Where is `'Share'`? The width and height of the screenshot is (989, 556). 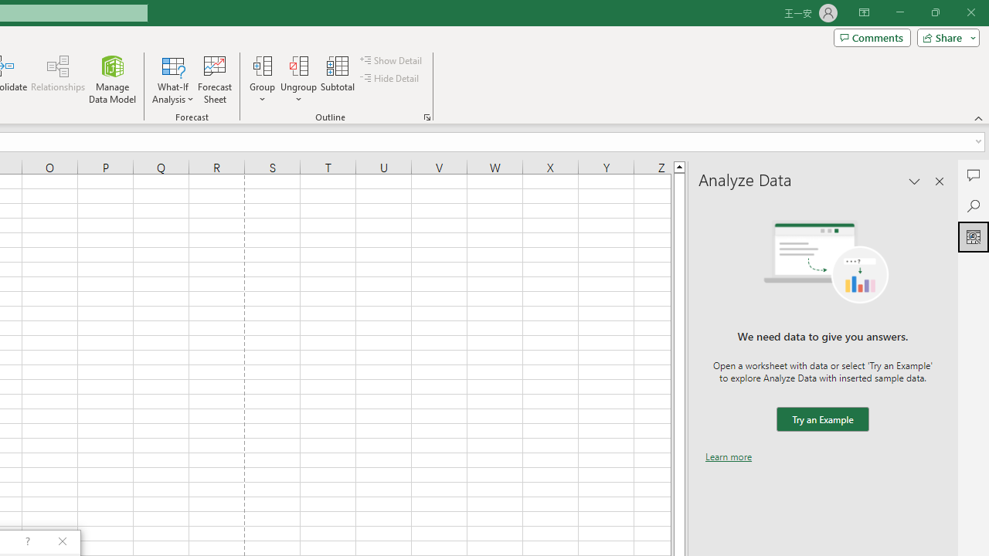 'Share' is located at coordinates (944, 36).